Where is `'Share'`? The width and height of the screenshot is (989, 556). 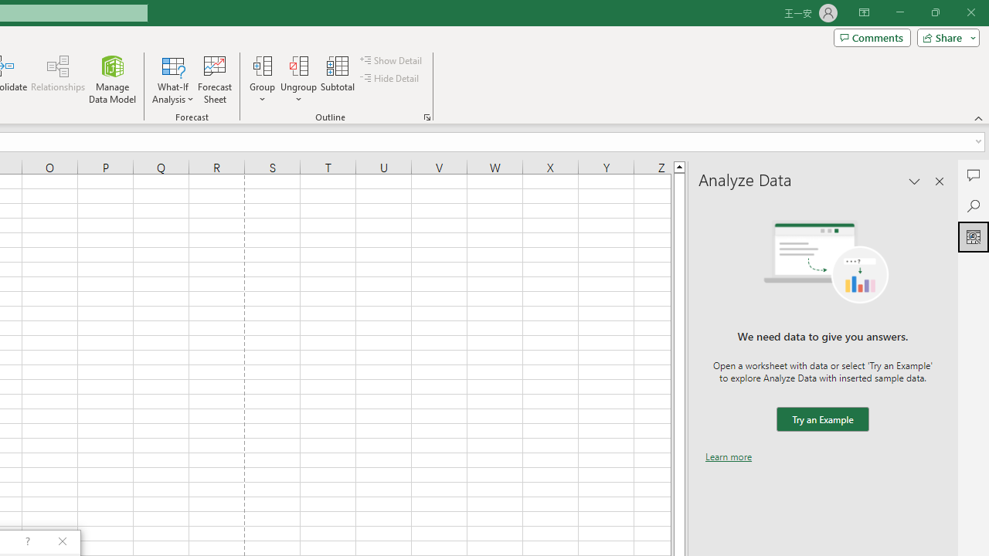 'Share' is located at coordinates (944, 36).